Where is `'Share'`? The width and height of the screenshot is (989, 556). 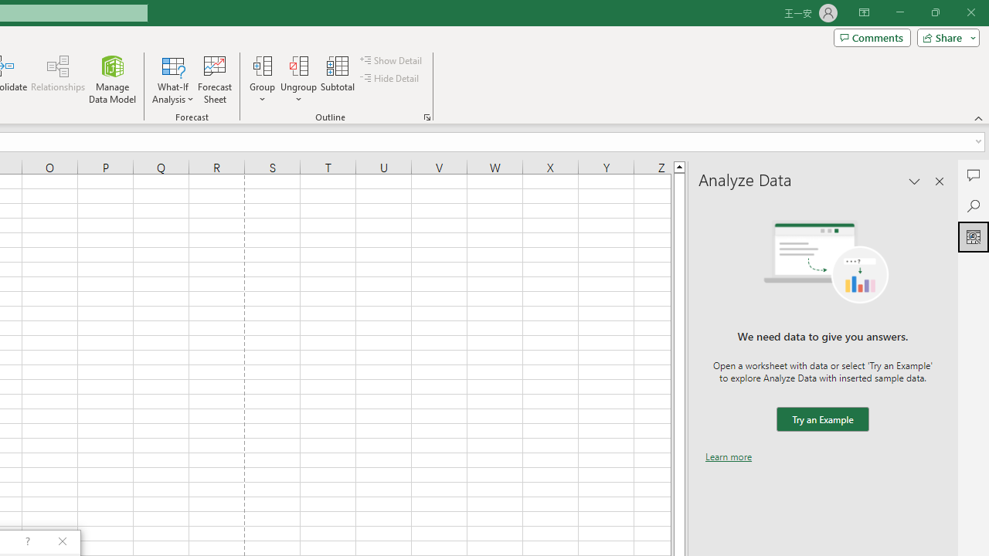 'Share' is located at coordinates (944, 36).